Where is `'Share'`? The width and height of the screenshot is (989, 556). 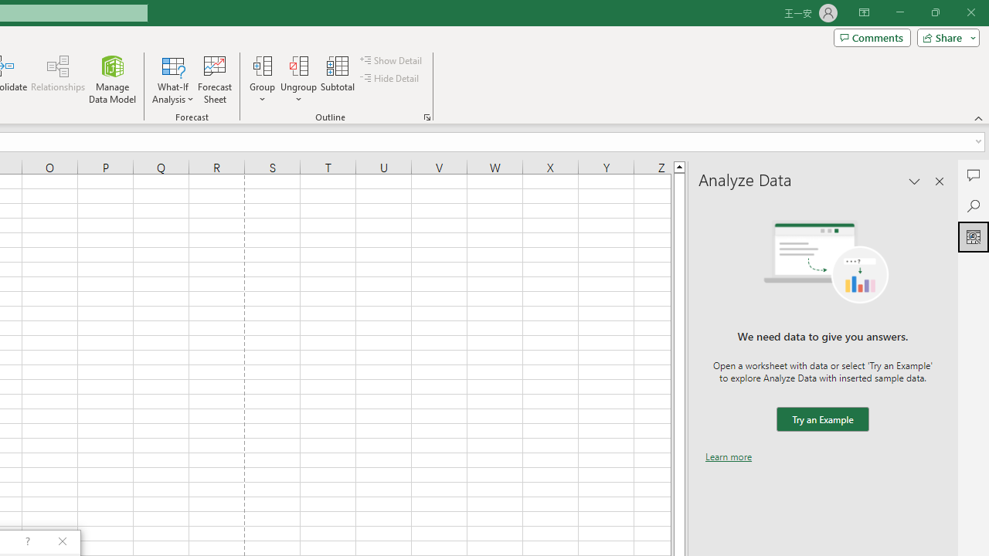 'Share' is located at coordinates (944, 36).